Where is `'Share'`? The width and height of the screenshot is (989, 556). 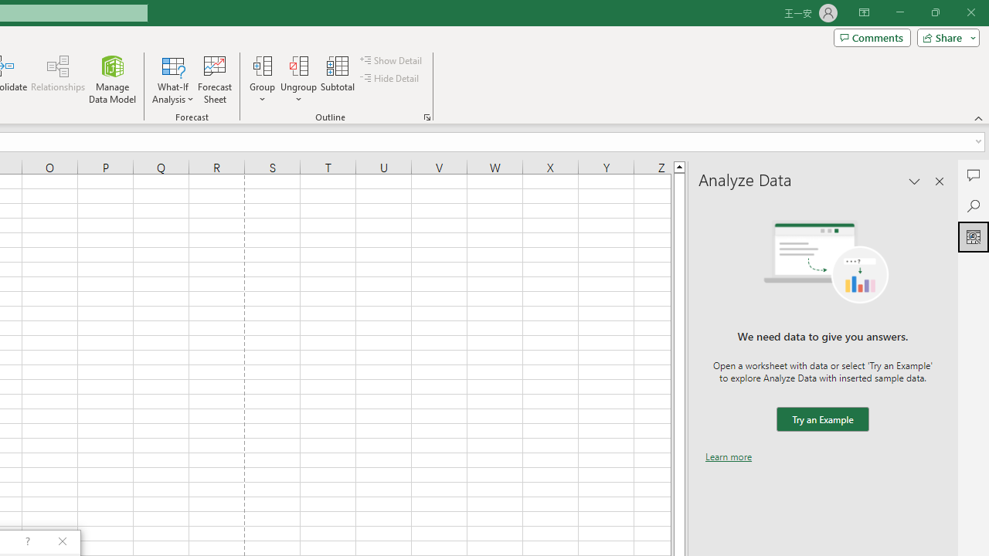 'Share' is located at coordinates (944, 36).